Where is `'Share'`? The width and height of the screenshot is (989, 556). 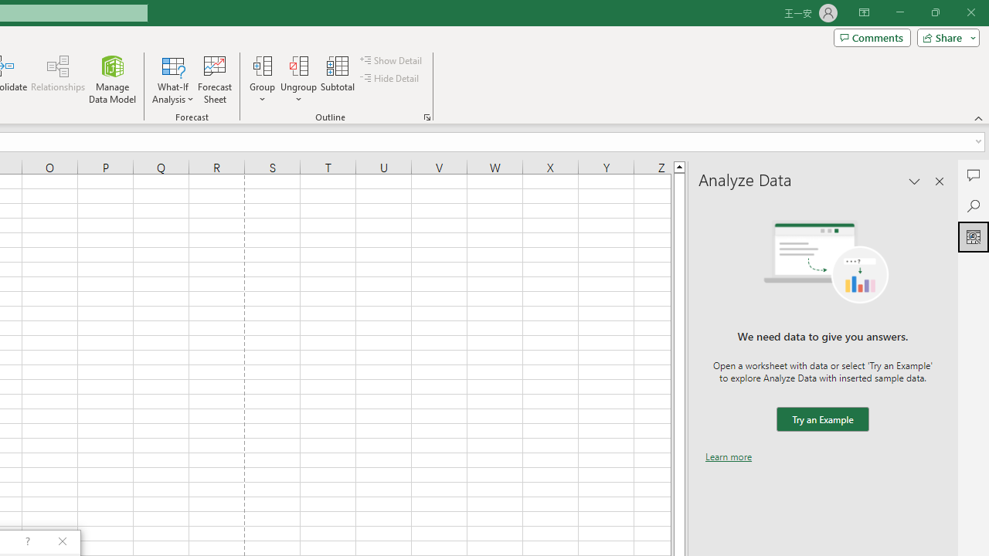 'Share' is located at coordinates (944, 36).